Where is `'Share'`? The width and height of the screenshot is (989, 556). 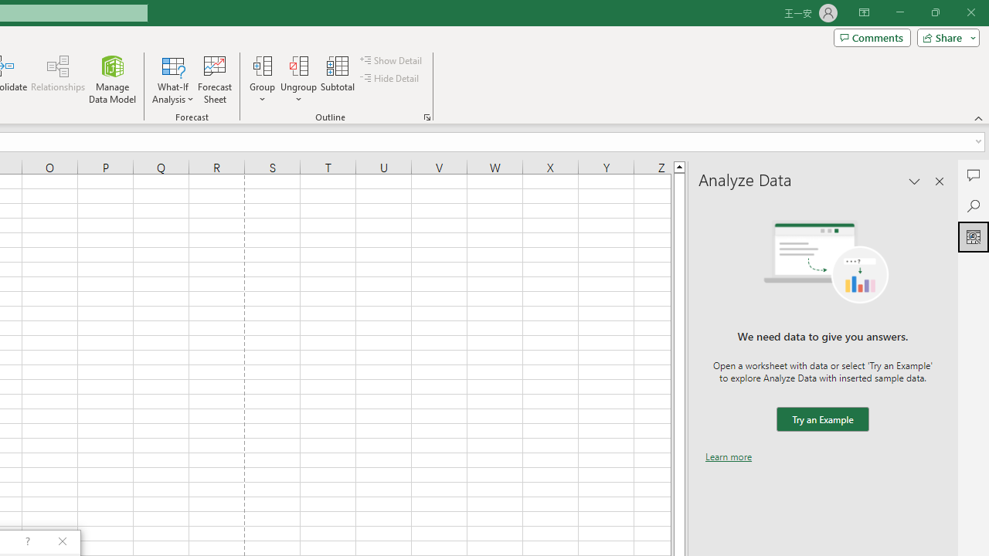 'Share' is located at coordinates (944, 36).